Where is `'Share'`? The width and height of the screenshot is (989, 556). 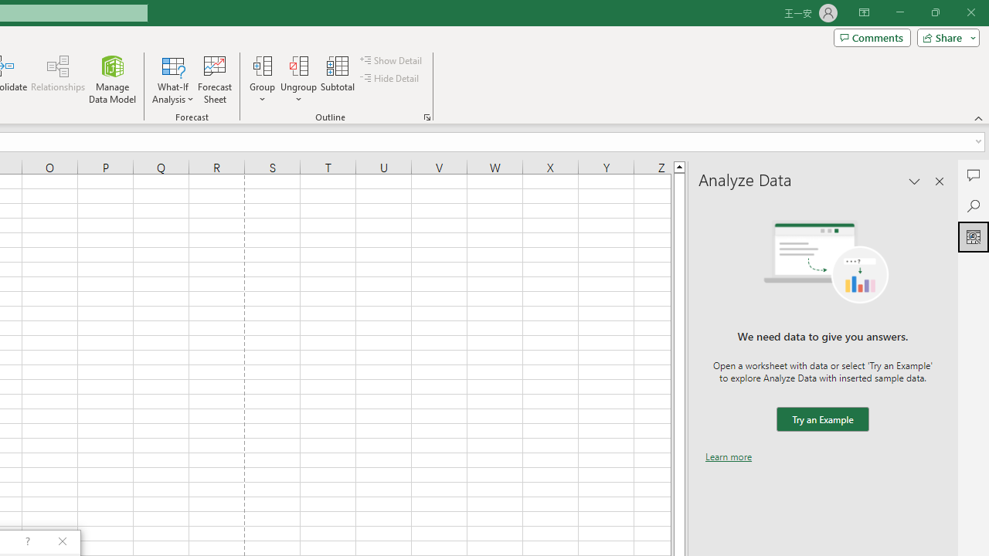 'Share' is located at coordinates (944, 36).